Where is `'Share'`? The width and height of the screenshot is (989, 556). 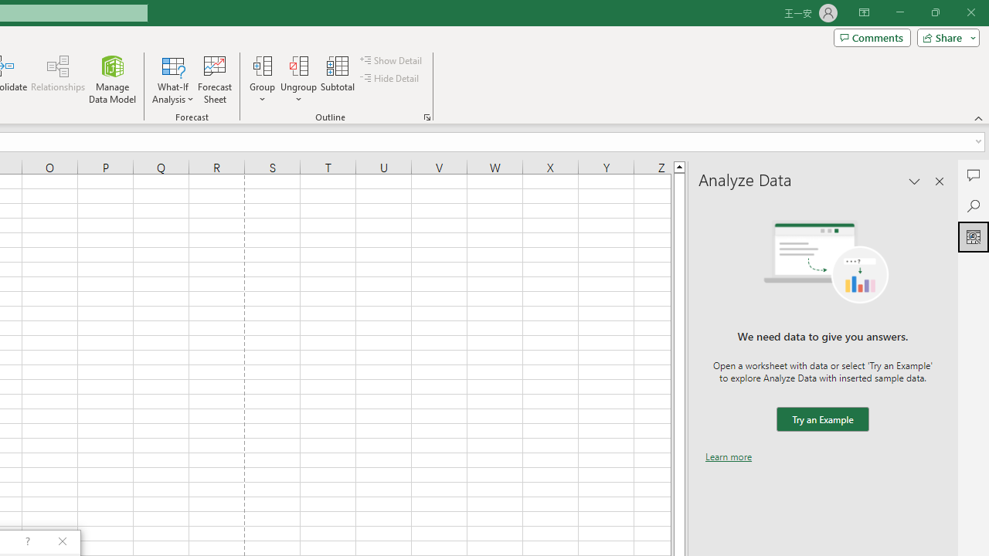 'Share' is located at coordinates (944, 36).